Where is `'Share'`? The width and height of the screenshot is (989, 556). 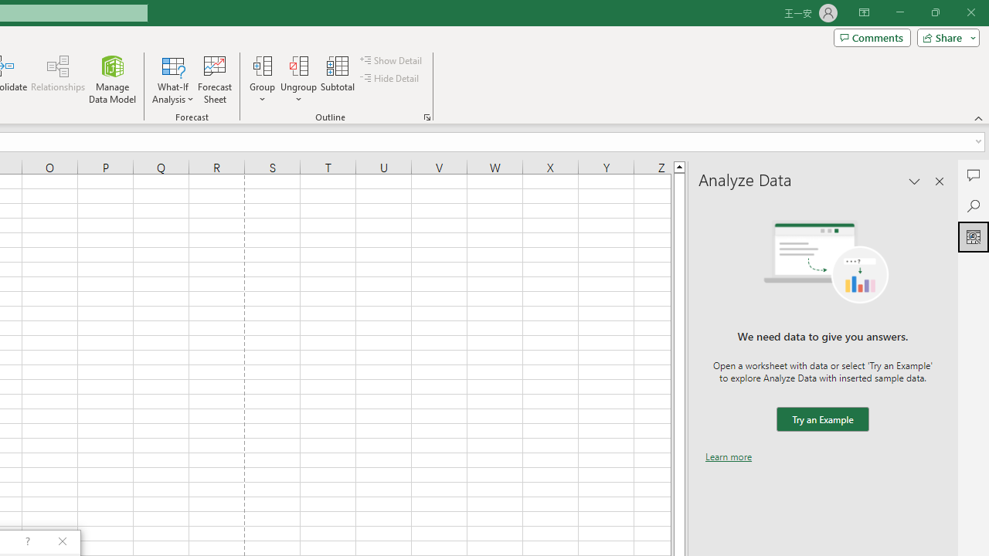 'Share' is located at coordinates (944, 36).